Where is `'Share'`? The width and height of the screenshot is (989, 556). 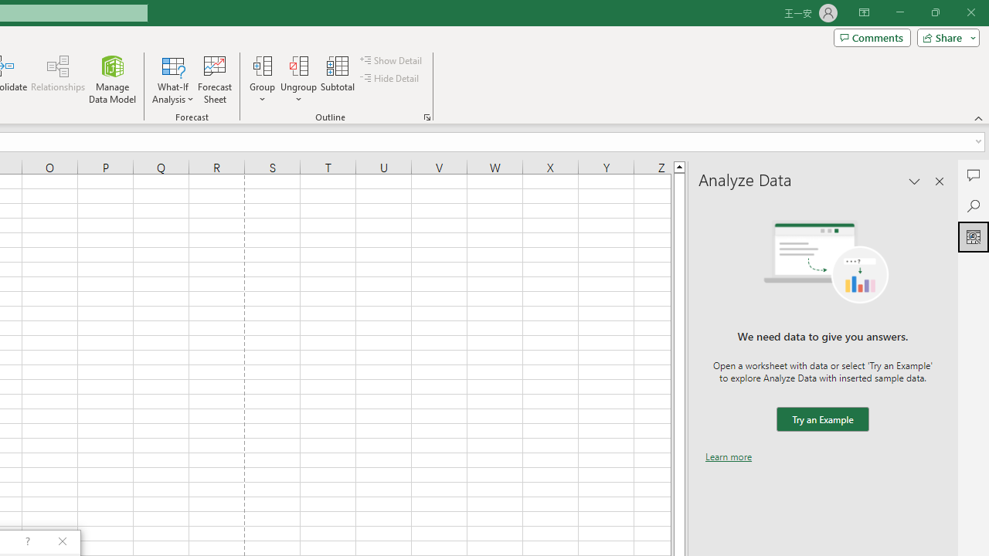 'Share' is located at coordinates (944, 36).